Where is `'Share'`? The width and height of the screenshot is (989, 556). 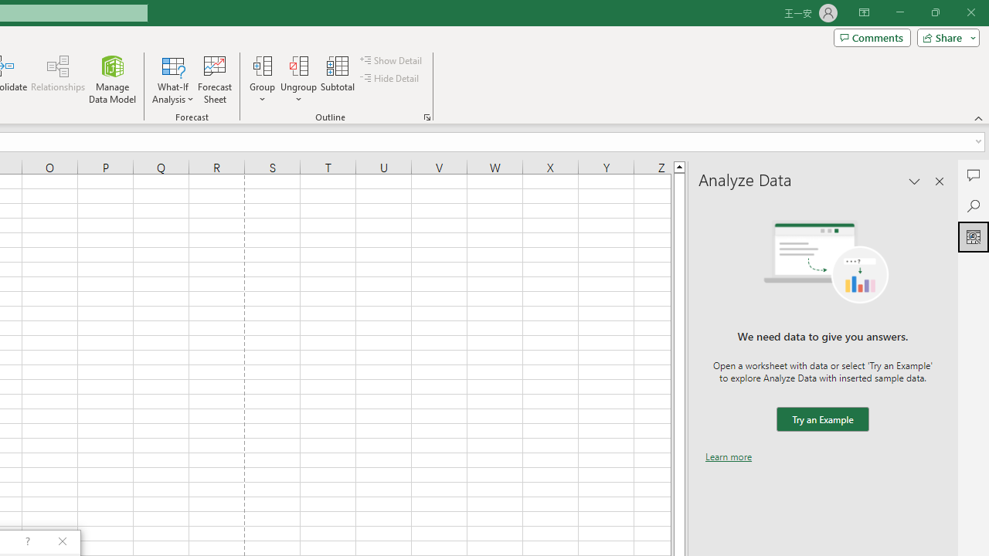 'Share' is located at coordinates (944, 36).